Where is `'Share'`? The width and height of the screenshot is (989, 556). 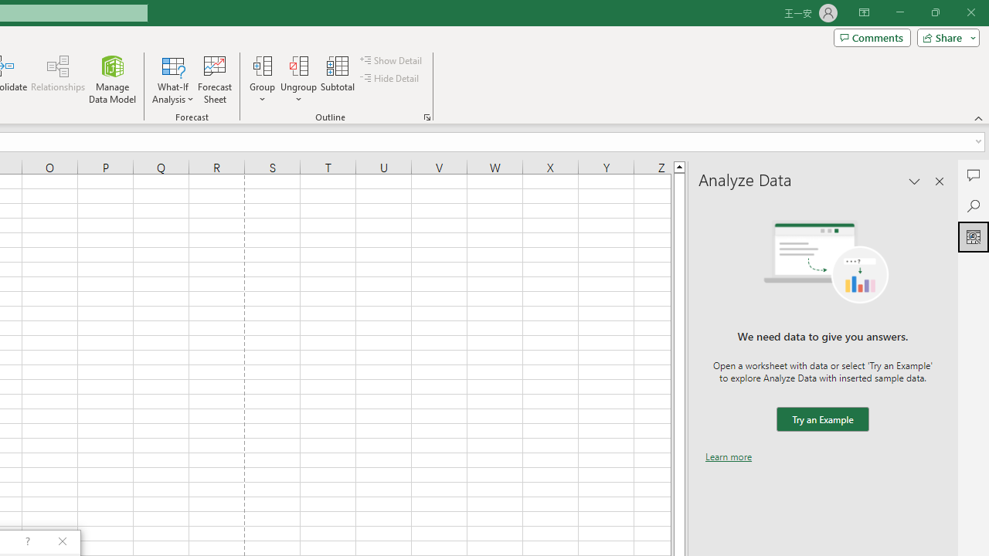 'Share' is located at coordinates (944, 36).